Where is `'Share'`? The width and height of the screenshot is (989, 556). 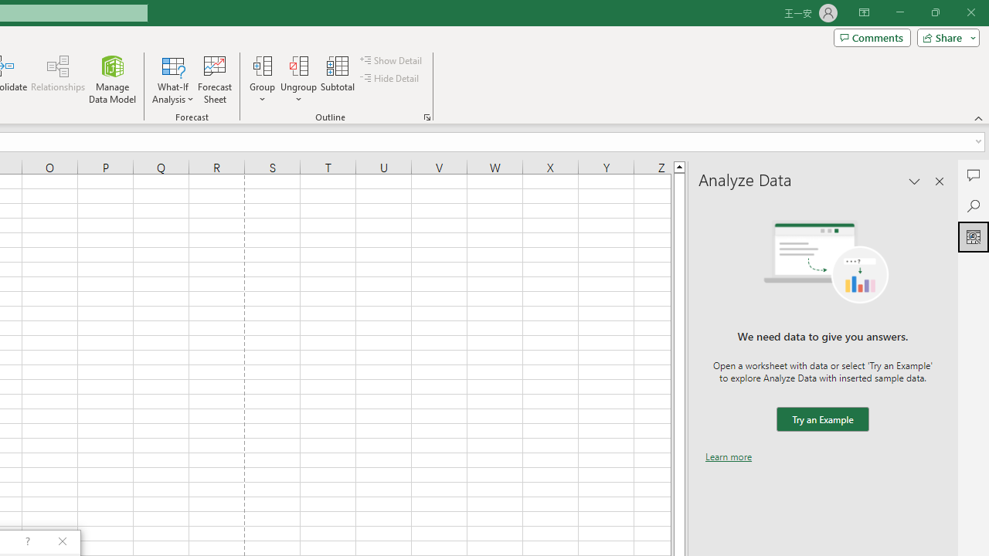 'Share' is located at coordinates (944, 36).